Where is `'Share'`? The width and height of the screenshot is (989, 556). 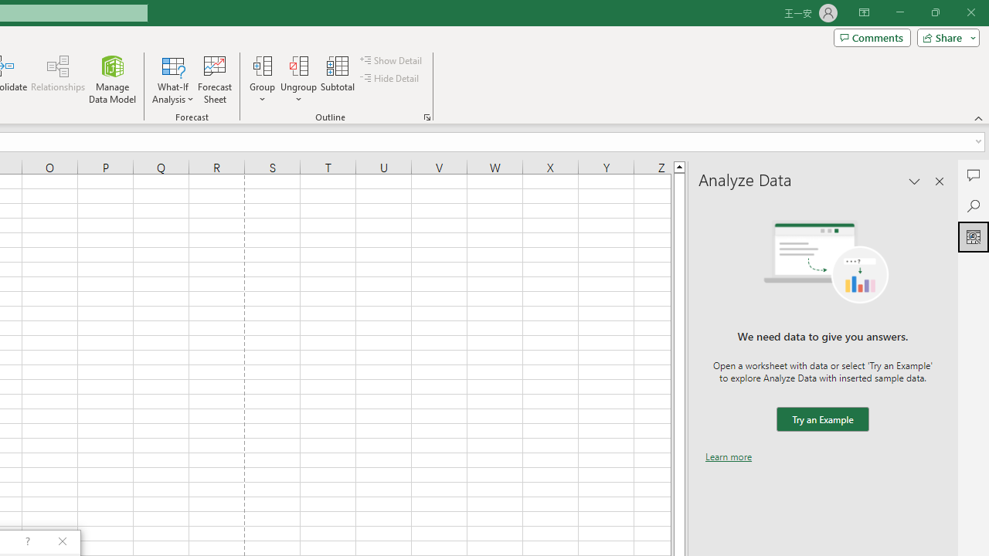 'Share' is located at coordinates (944, 36).